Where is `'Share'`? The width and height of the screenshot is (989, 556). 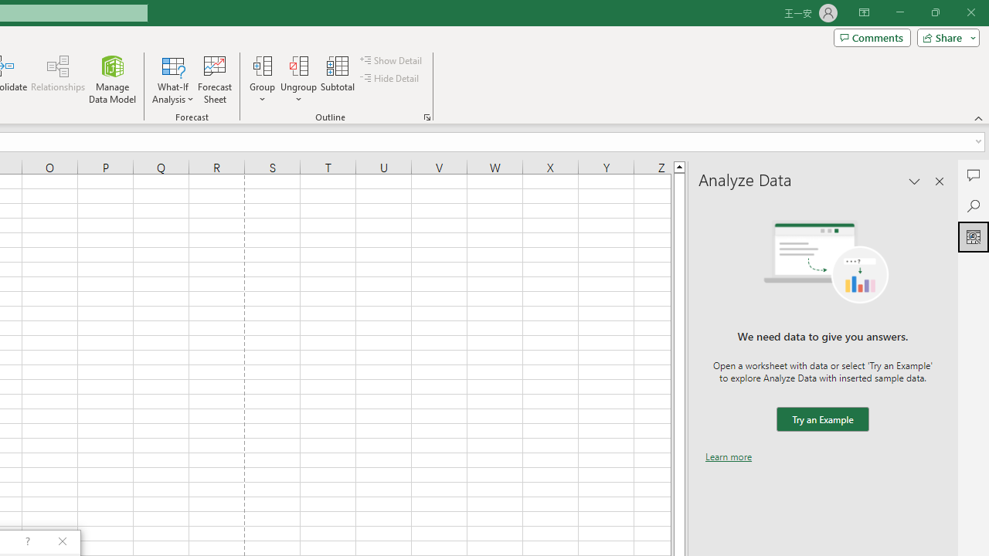 'Share' is located at coordinates (944, 36).